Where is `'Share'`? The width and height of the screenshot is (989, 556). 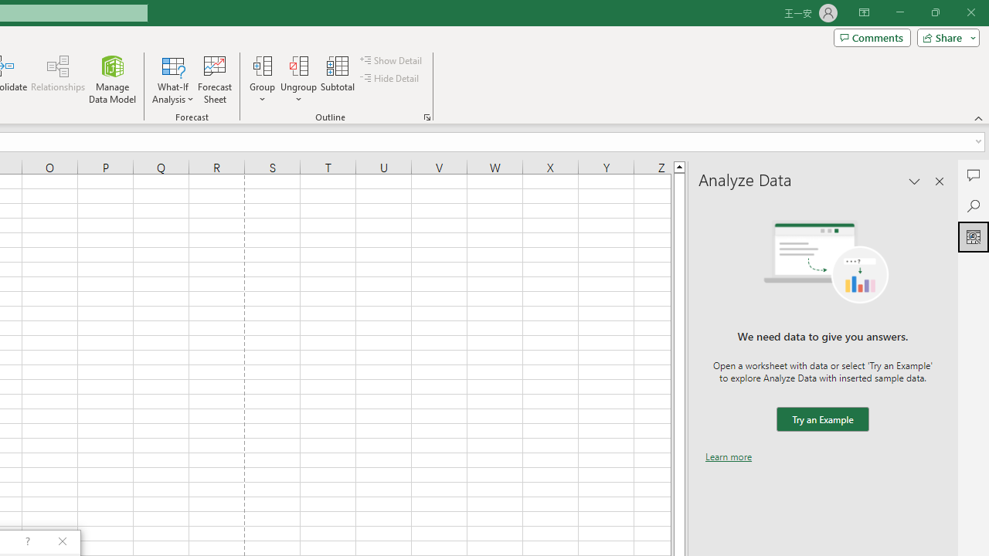 'Share' is located at coordinates (944, 36).